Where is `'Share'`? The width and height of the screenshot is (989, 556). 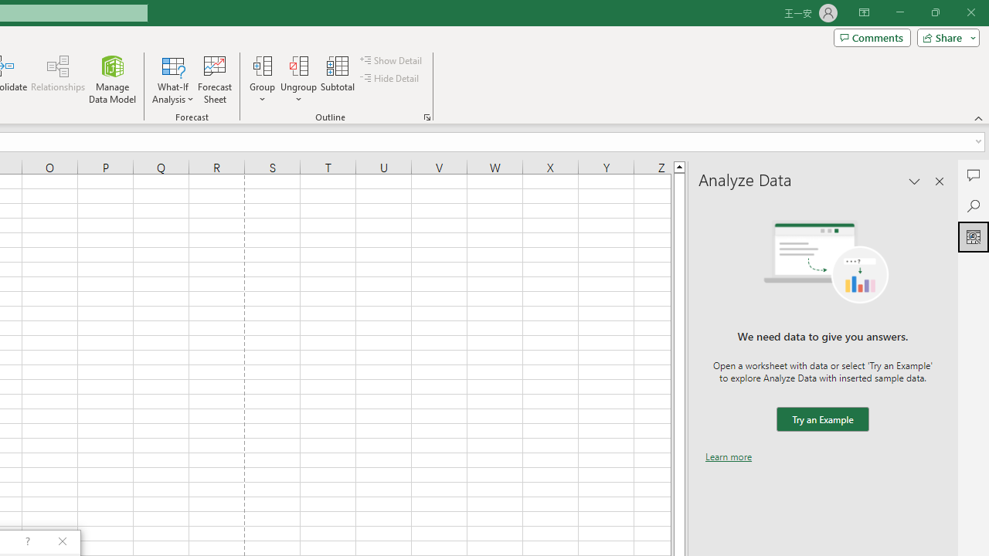 'Share' is located at coordinates (944, 36).